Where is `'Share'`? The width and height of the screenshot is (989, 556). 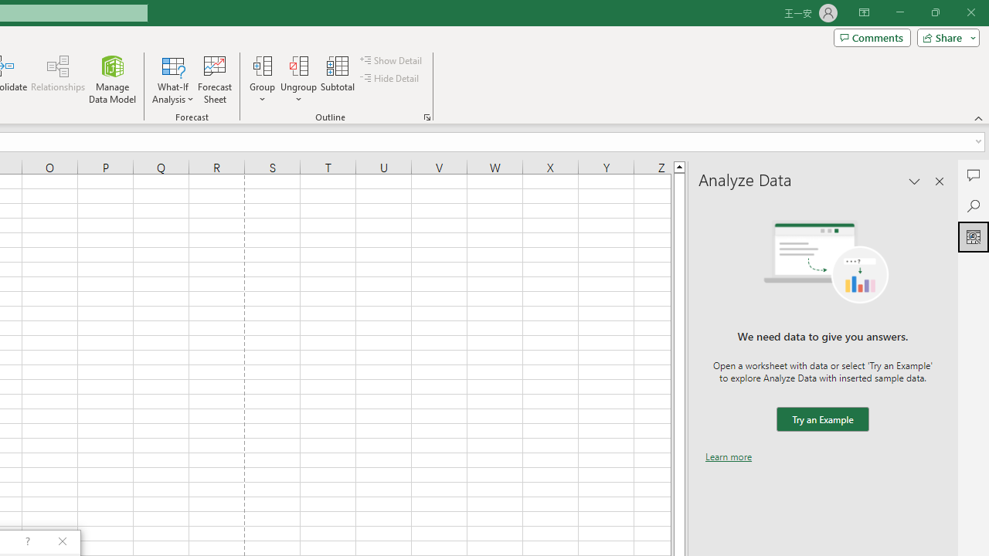 'Share' is located at coordinates (944, 36).